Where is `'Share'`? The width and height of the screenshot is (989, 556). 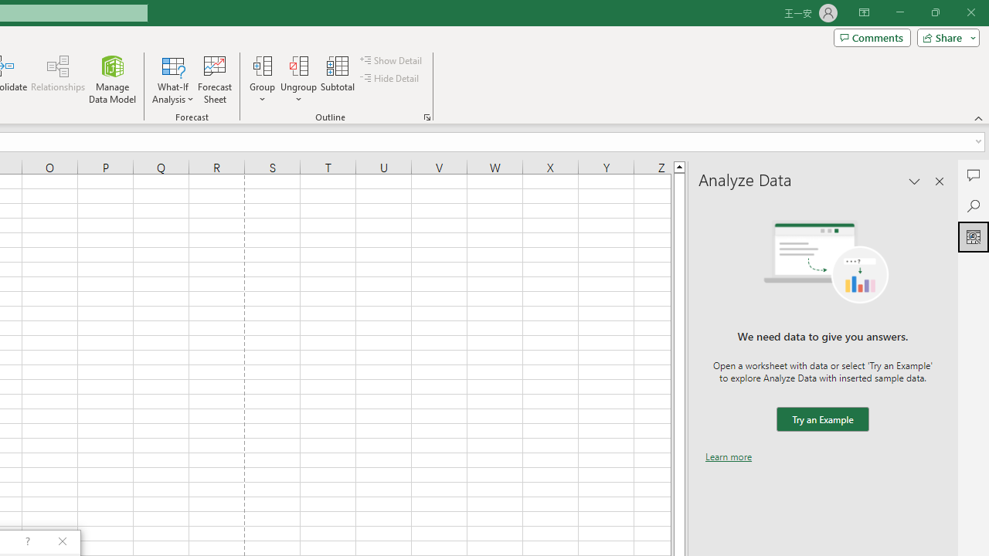 'Share' is located at coordinates (944, 36).